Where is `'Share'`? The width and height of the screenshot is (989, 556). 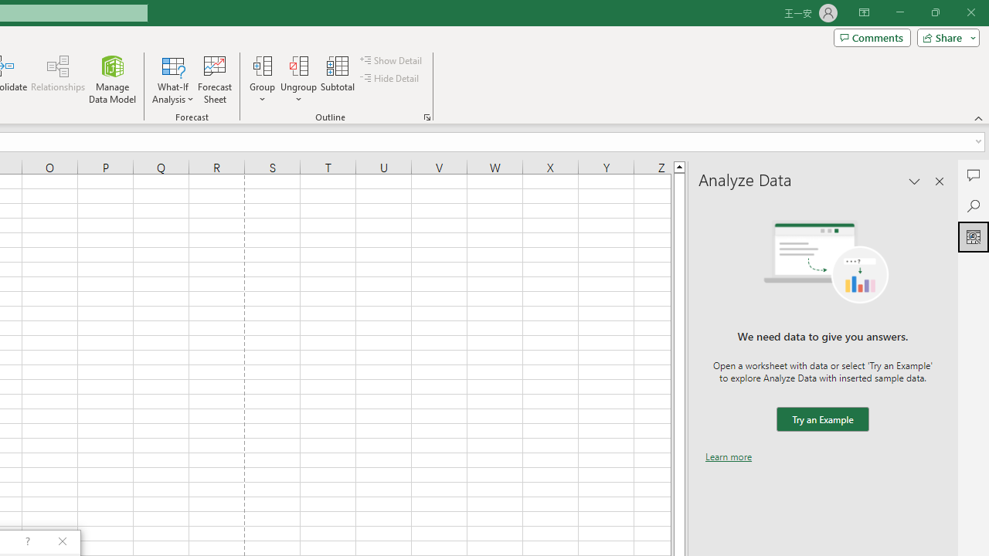 'Share' is located at coordinates (944, 36).